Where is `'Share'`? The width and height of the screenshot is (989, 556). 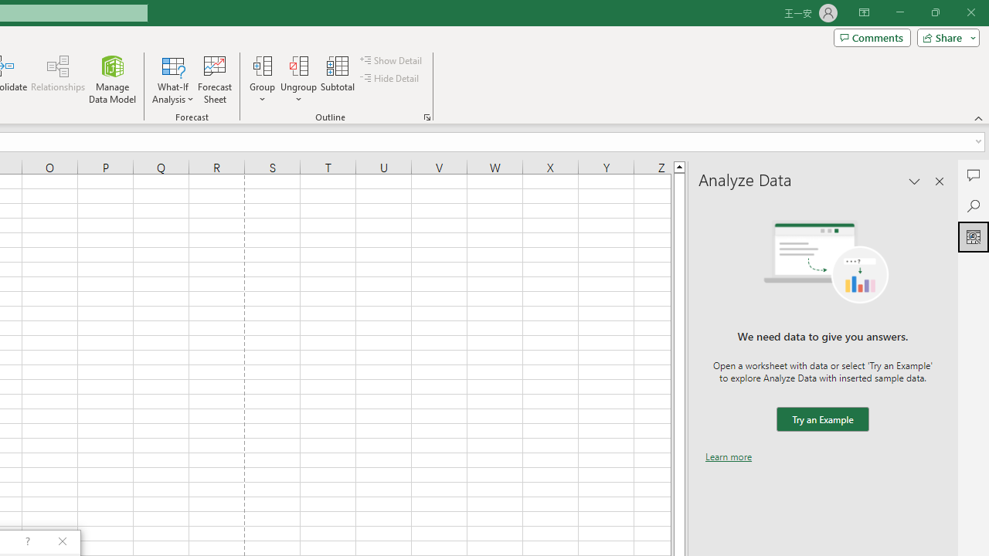 'Share' is located at coordinates (944, 36).